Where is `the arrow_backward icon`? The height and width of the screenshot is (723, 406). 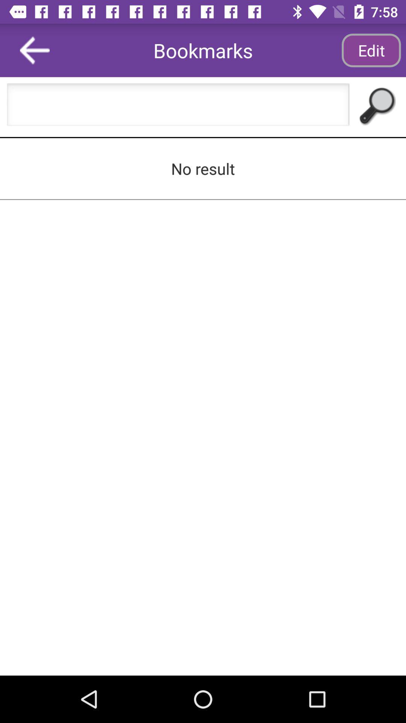 the arrow_backward icon is located at coordinates (35, 50).